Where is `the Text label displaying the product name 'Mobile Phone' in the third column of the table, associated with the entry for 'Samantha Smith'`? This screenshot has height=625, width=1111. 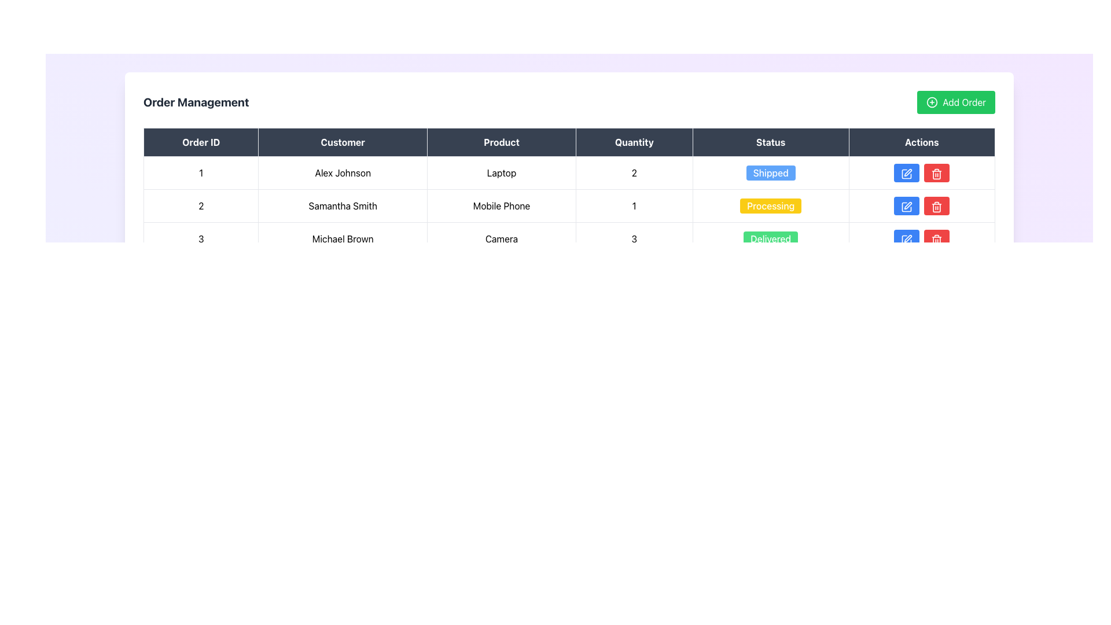
the Text label displaying the product name 'Mobile Phone' in the third column of the table, associated with the entry for 'Samantha Smith' is located at coordinates (502, 205).